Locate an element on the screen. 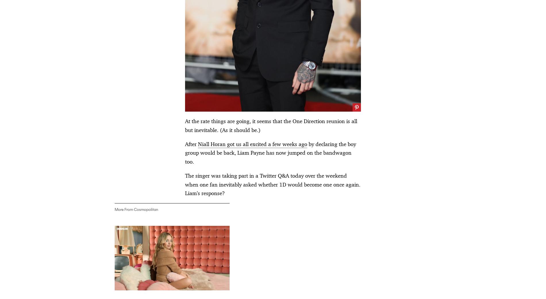 The height and width of the screenshot is (299, 546). 'Newsletter' is located at coordinates (273, 253).